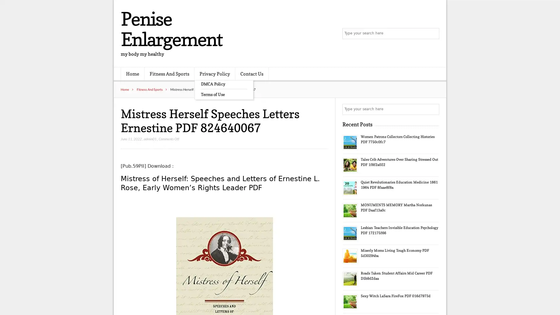 Image resolution: width=560 pixels, height=315 pixels. I want to click on Search, so click(433, 109).